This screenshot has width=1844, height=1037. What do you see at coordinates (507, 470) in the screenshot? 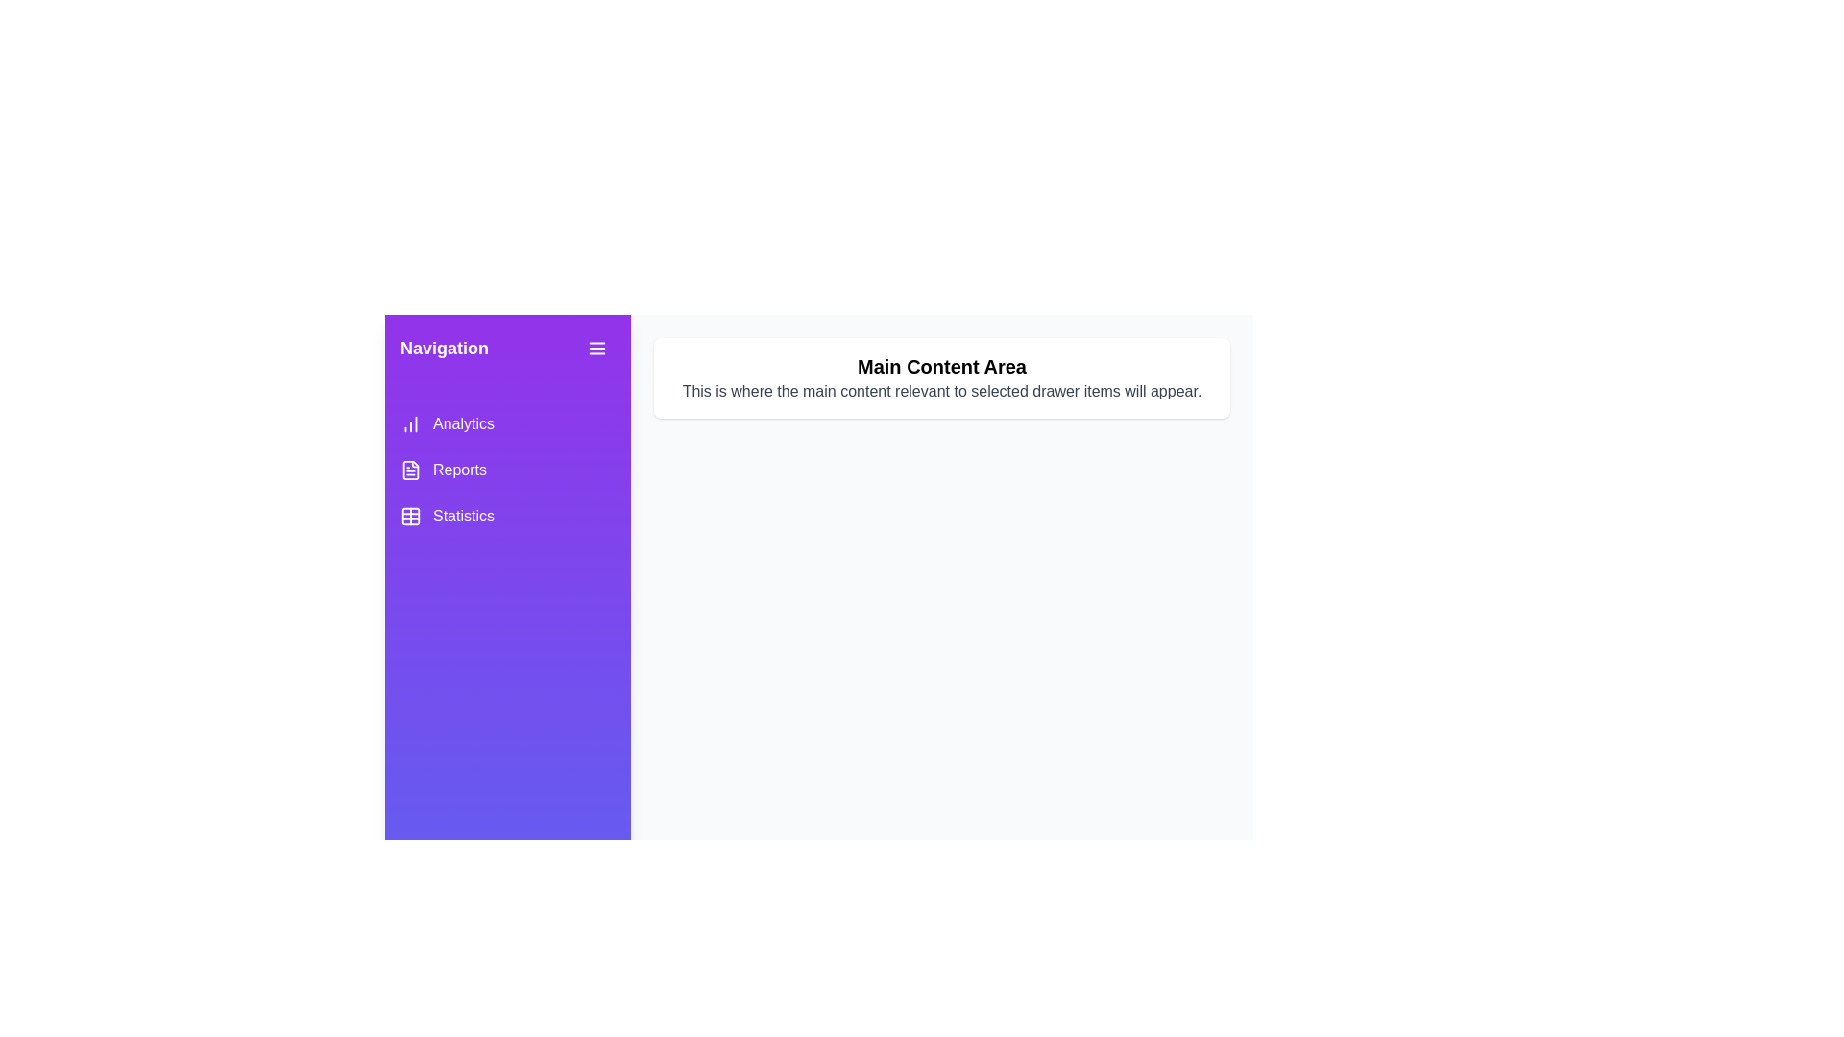
I see `the 'Reports' menu item to navigate to the 'Reports' section` at bounding box center [507, 470].